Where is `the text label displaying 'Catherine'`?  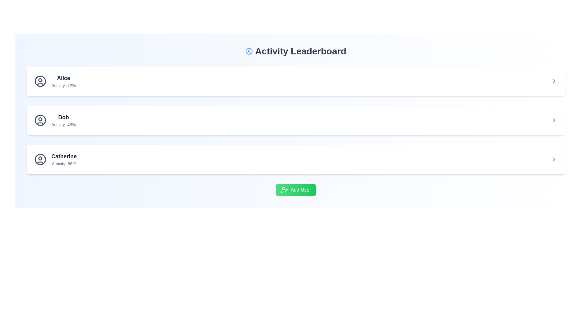
the text label displaying 'Catherine' is located at coordinates (64, 159).